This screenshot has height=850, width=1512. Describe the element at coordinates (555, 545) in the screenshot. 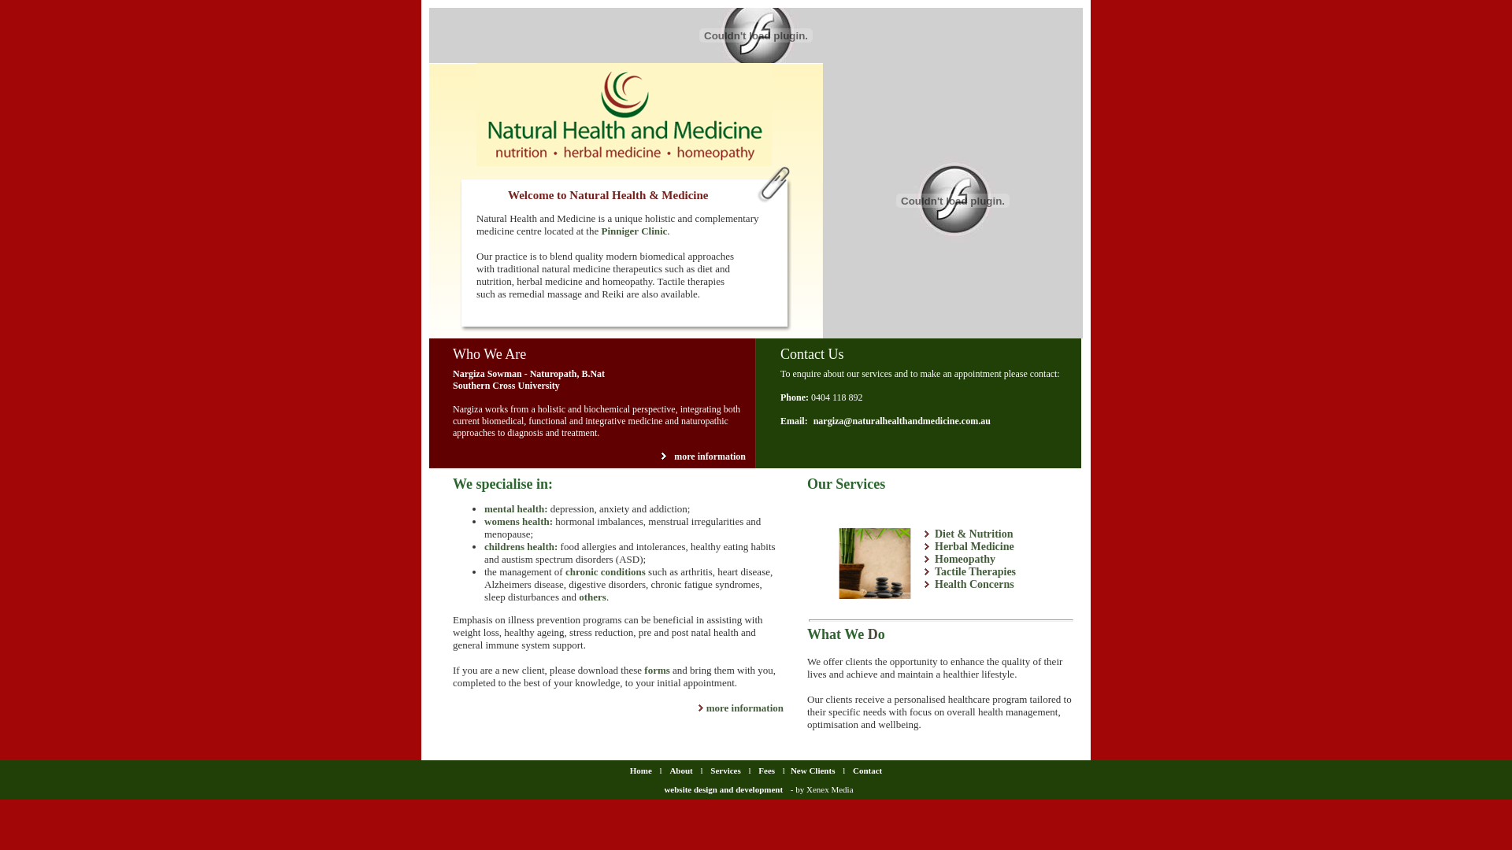

I see `':'` at that location.